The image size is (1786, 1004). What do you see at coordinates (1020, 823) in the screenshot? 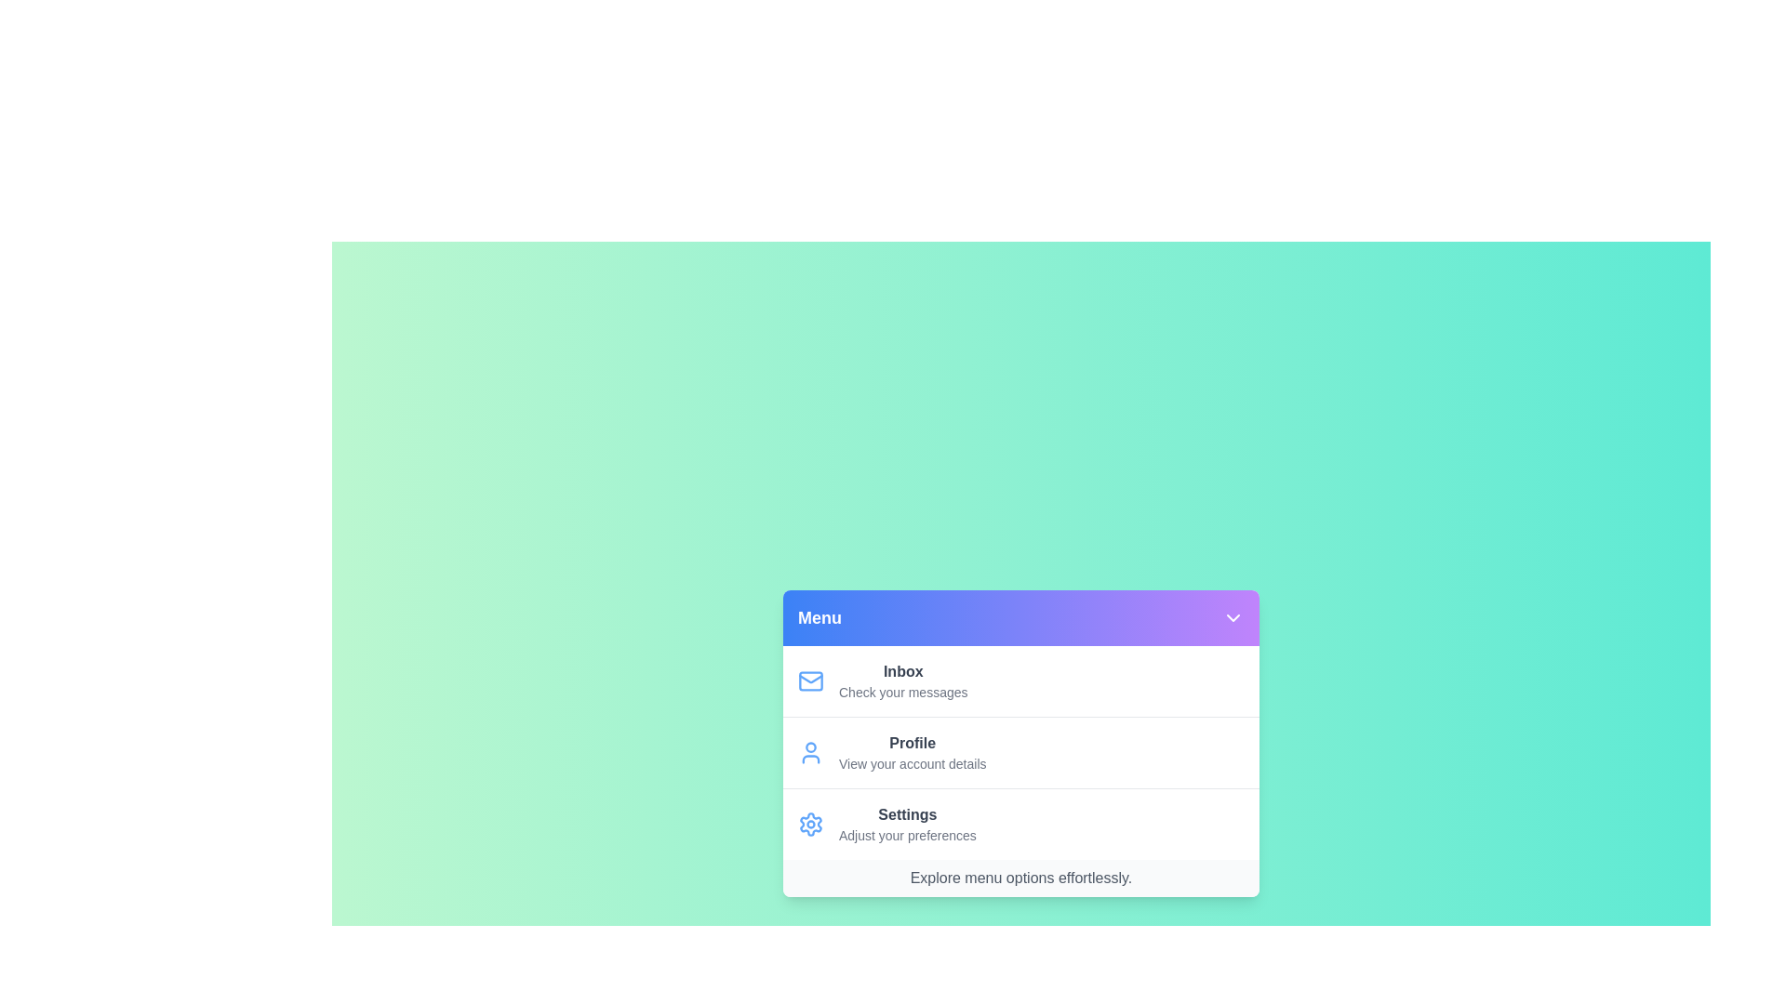
I see `the menu item Settings from the menu` at bounding box center [1020, 823].